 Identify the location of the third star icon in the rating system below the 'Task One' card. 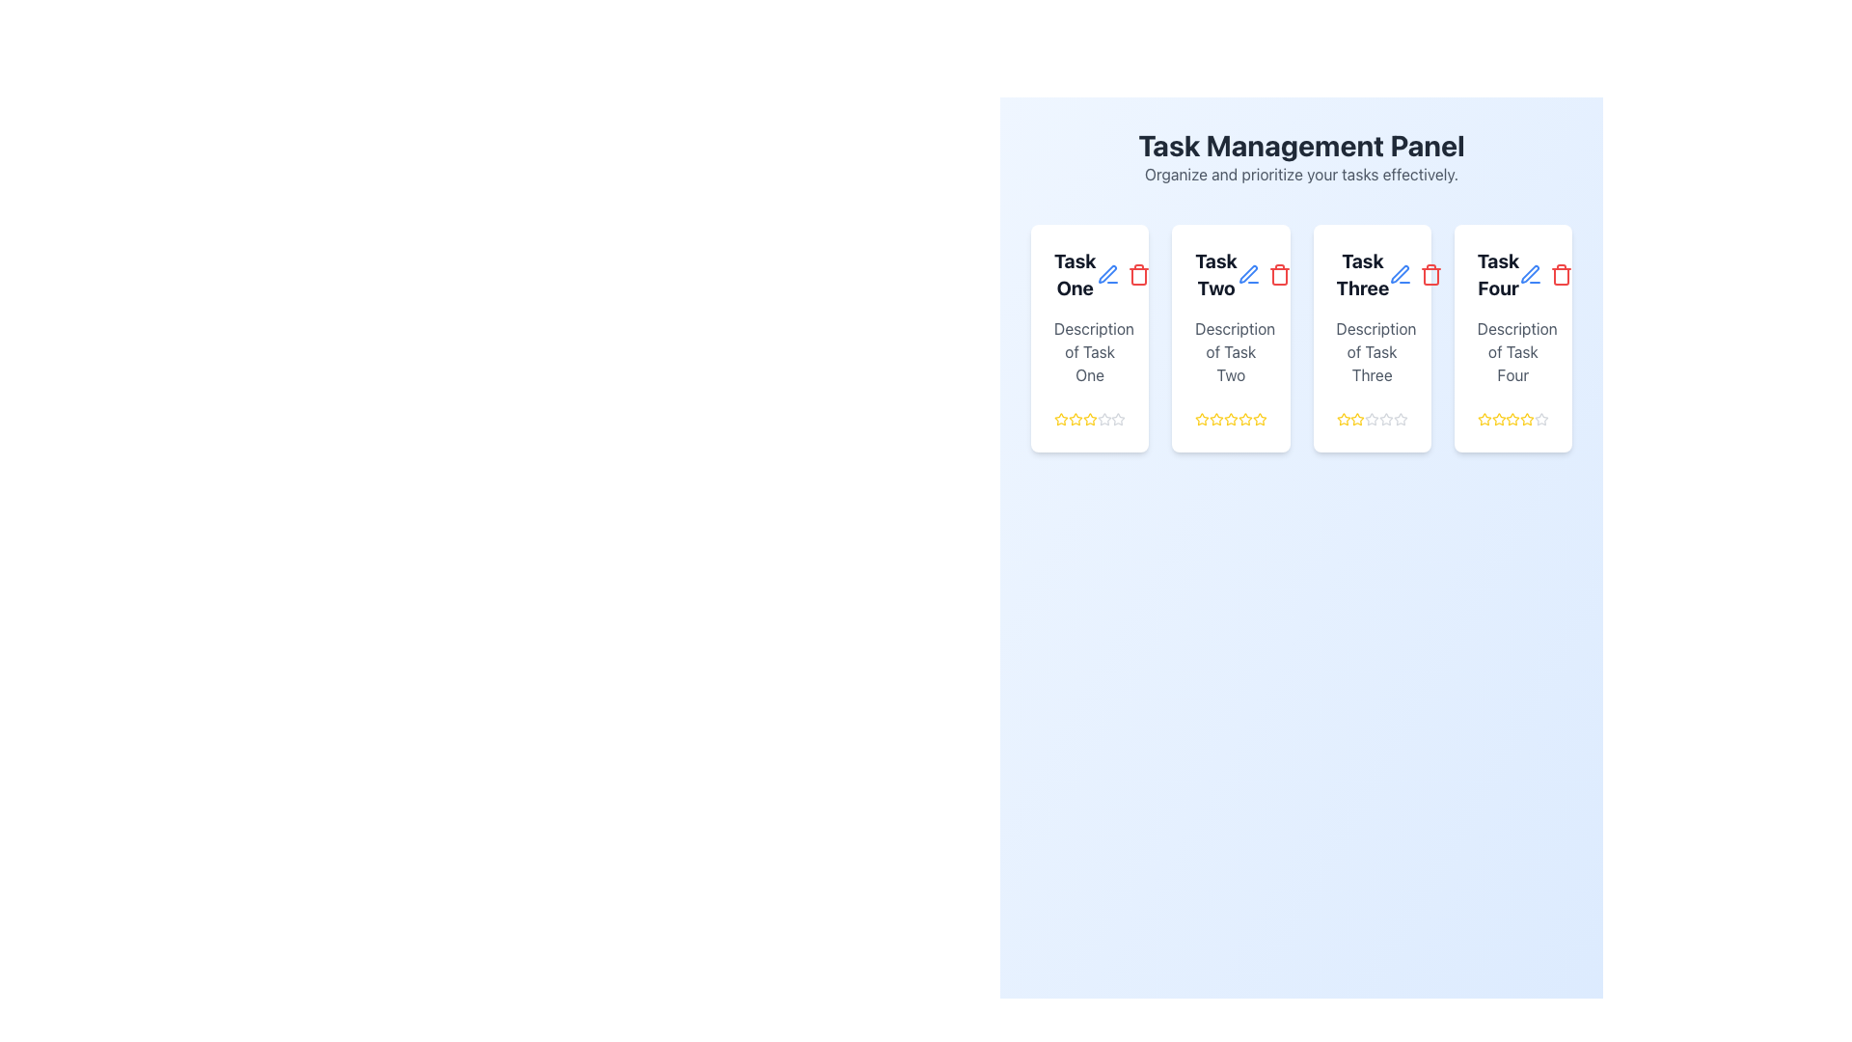
(1090, 419).